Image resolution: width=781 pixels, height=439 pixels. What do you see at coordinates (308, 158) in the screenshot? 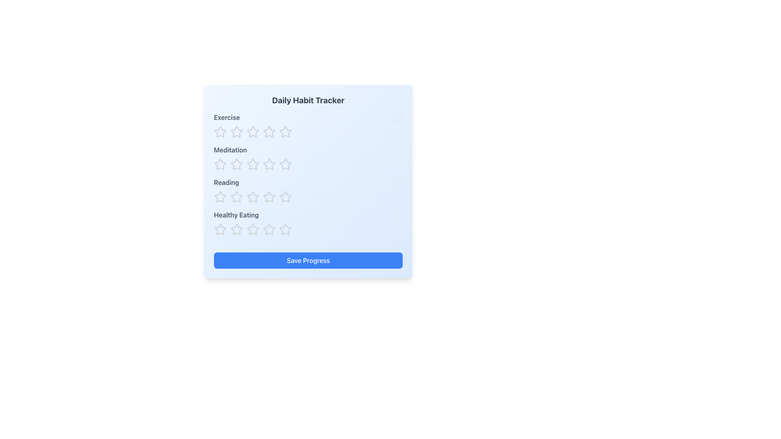
I see `across the five outlined stars in the 'Meditation' rating system` at bounding box center [308, 158].